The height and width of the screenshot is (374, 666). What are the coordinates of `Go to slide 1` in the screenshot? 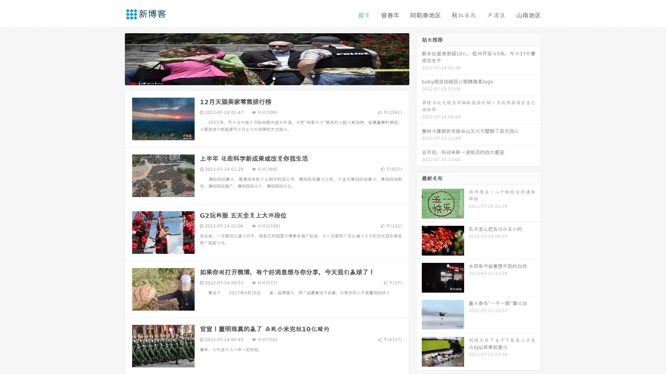 It's located at (259, 78).